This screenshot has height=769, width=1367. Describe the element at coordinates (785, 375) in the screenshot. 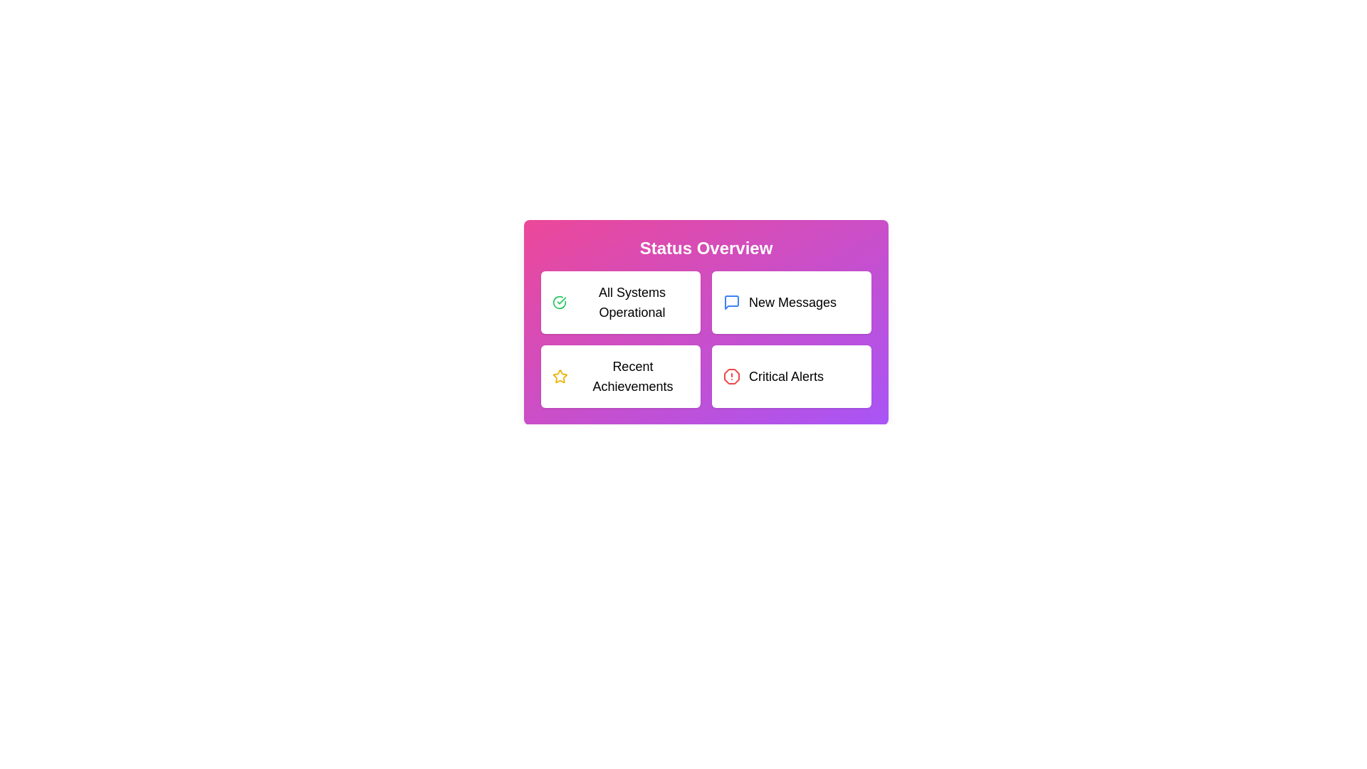

I see `the bold text label displaying 'Critical Alerts', which is positioned to the right of a red octagon icon in the bottom-right corner of the grid layout under the 'Status Overview' header` at that location.